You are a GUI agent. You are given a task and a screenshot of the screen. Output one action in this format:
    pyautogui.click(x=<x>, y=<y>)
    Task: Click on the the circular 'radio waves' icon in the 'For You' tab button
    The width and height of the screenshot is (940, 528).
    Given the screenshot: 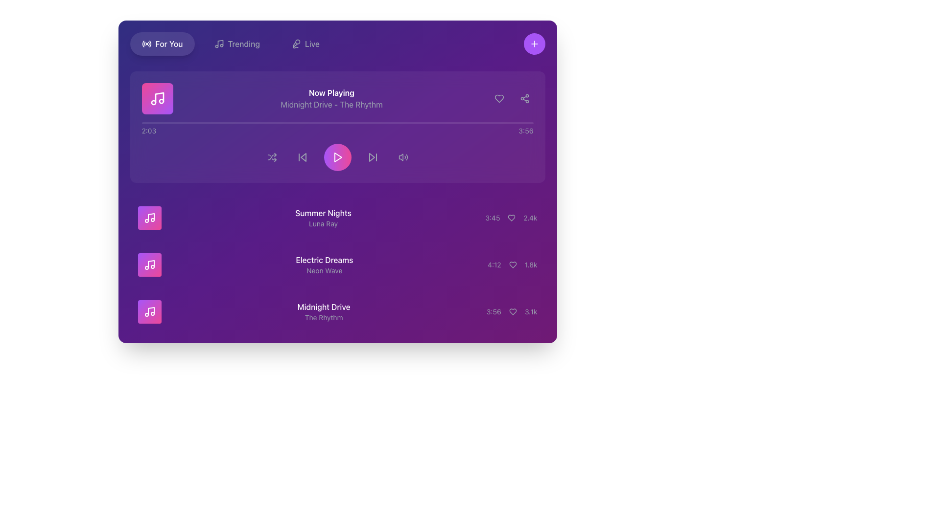 What is the action you would take?
    pyautogui.click(x=146, y=43)
    